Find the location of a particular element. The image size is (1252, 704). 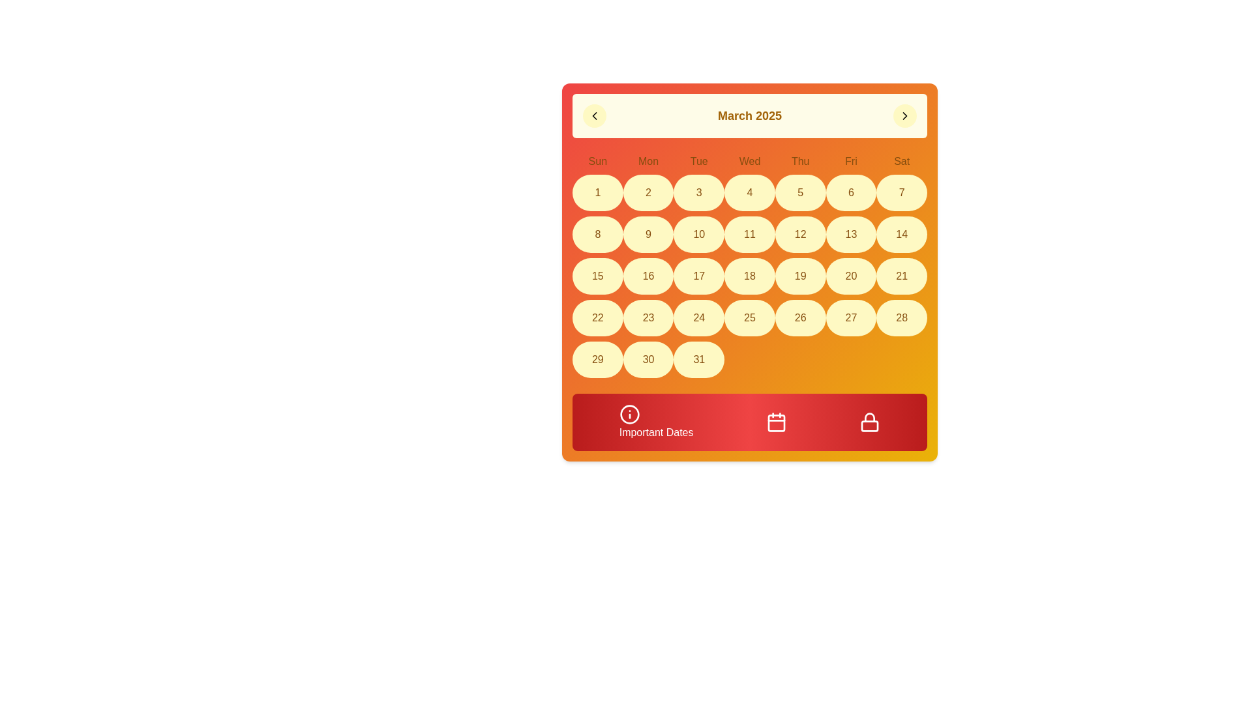

the button representing the 18th day in the calendar is located at coordinates (750, 276).